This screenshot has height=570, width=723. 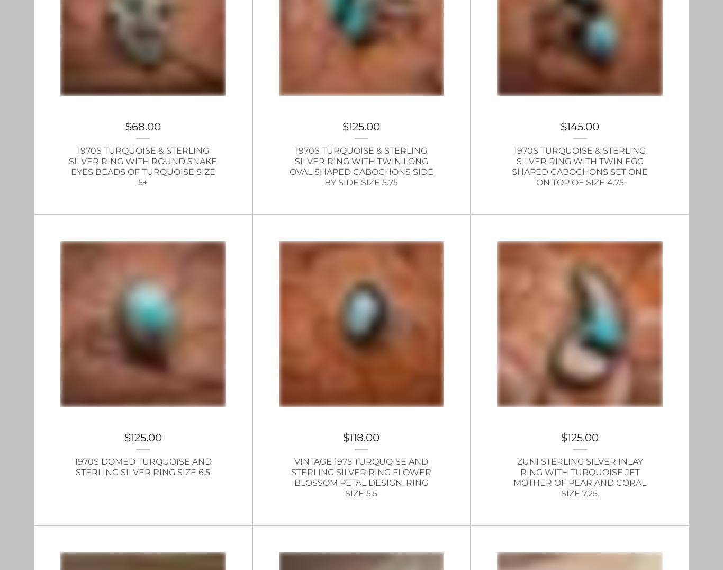 What do you see at coordinates (131, 126) in the screenshot?
I see `'68.00'` at bounding box center [131, 126].